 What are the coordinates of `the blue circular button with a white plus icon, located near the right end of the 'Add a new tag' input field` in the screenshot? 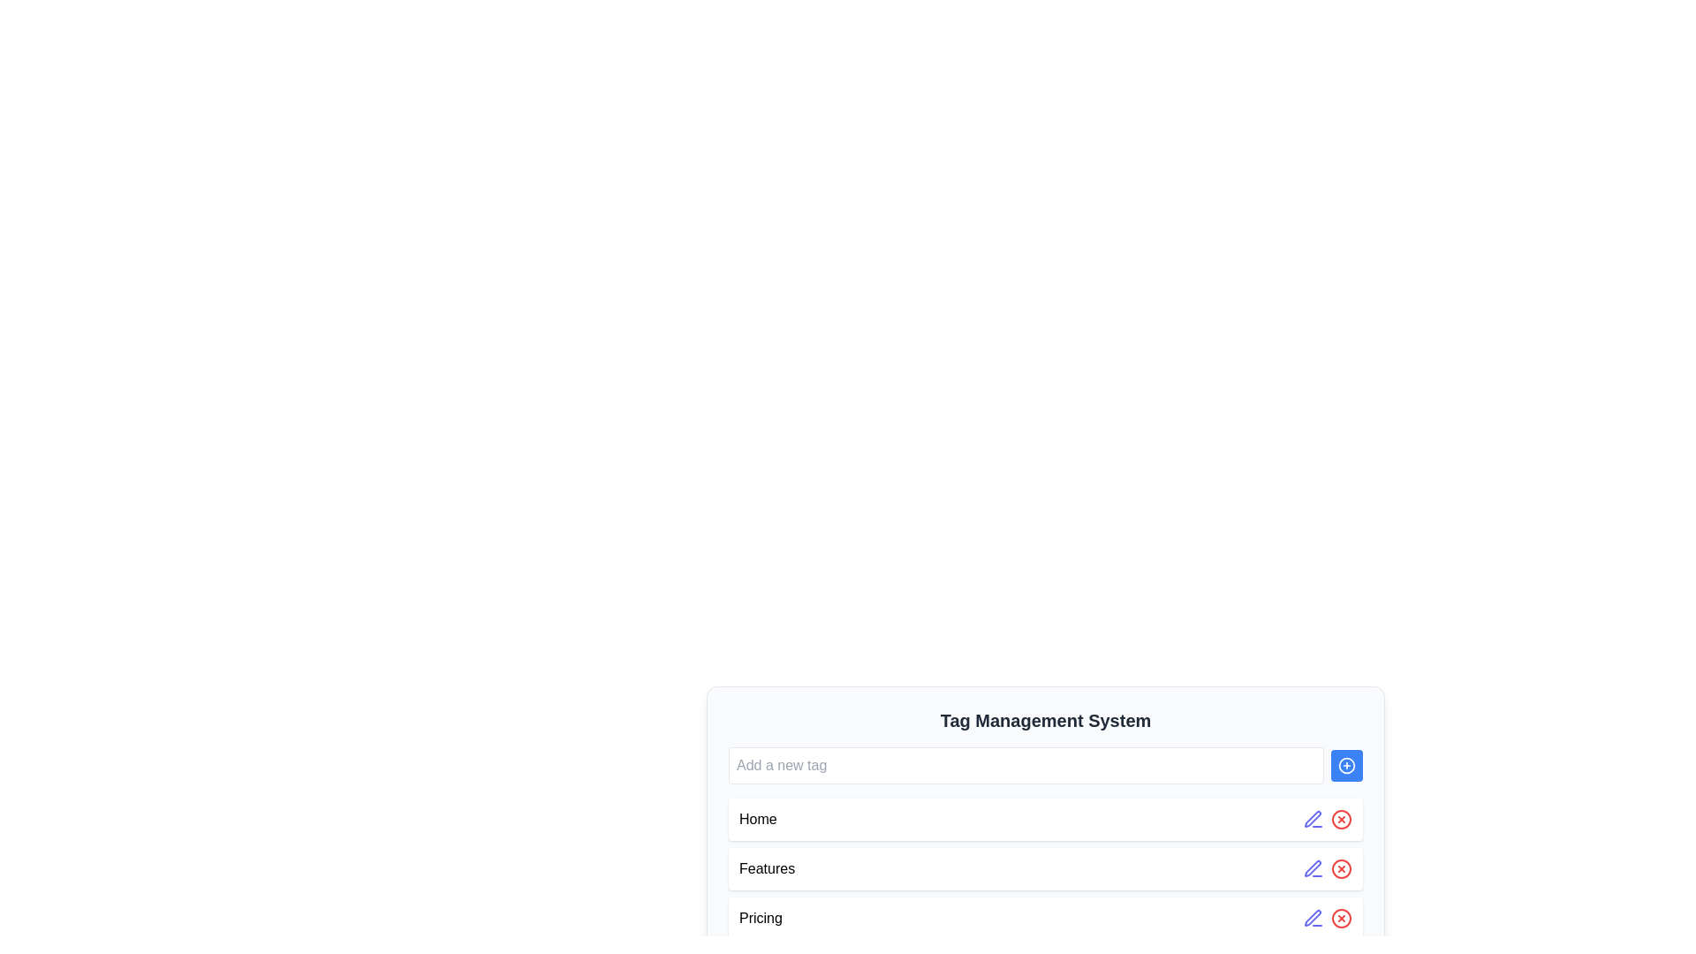 It's located at (1346, 765).